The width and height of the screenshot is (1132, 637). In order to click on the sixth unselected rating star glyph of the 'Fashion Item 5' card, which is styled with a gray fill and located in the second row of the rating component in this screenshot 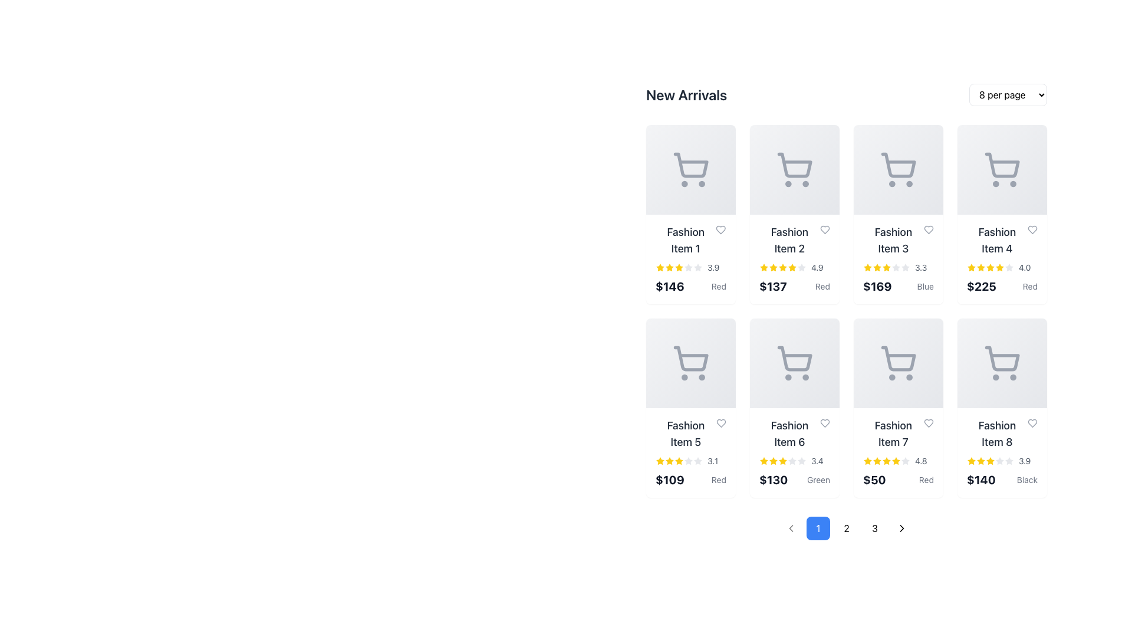, I will do `click(688, 461)`.